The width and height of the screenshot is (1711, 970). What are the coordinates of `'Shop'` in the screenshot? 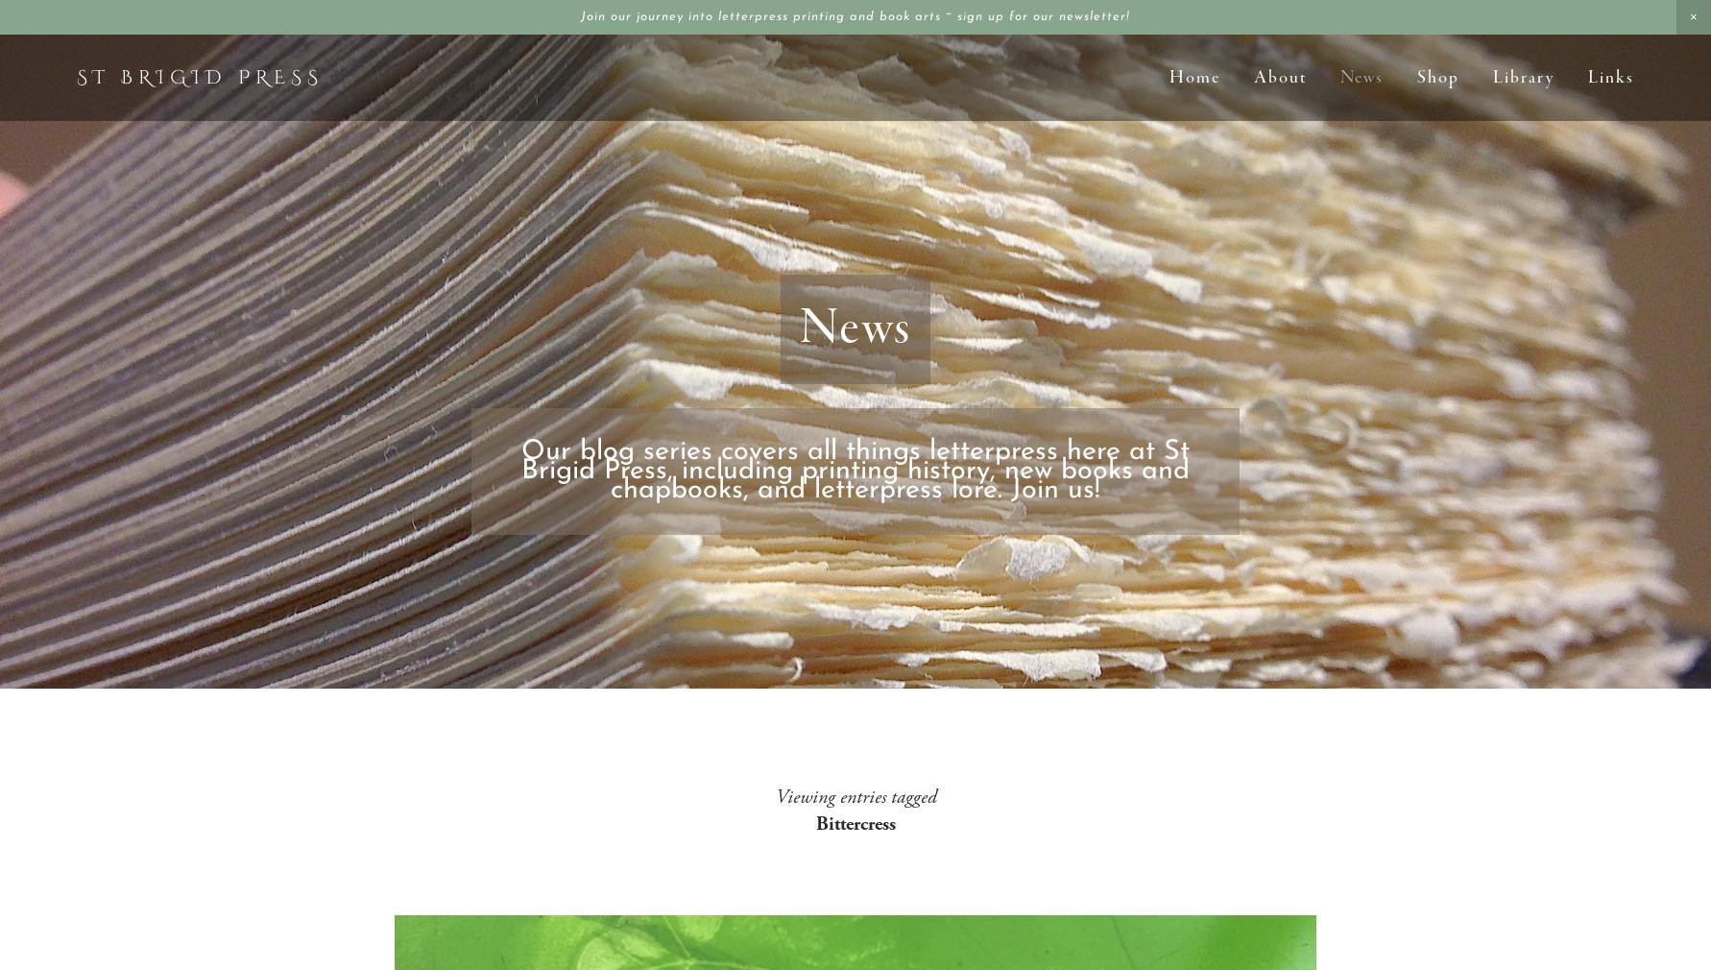 It's located at (1437, 77).